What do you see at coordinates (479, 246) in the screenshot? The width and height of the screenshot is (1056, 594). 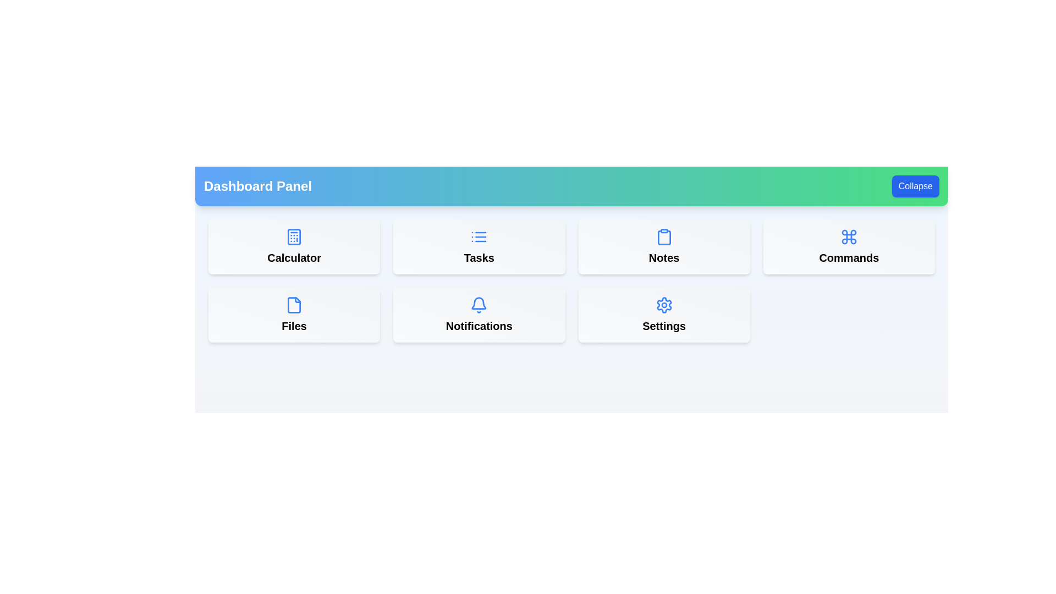 I see `the menu item labeled Tasks` at bounding box center [479, 246].